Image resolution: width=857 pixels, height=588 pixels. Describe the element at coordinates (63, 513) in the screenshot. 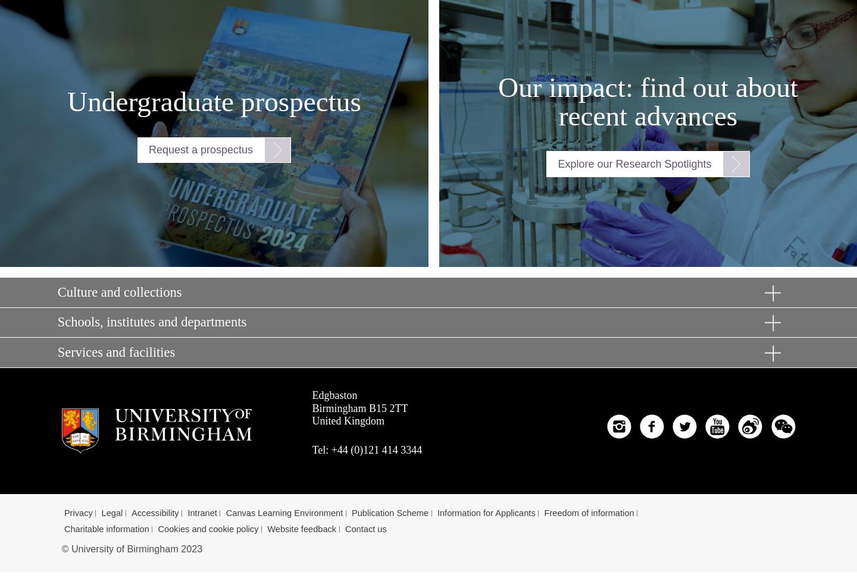

I see `'Privacy'` at that location.